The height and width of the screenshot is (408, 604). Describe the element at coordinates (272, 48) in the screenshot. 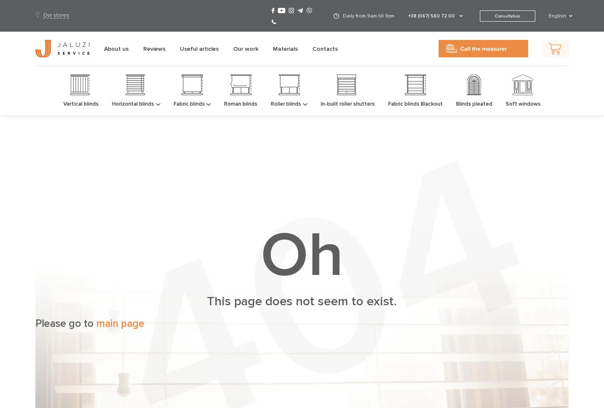

I see `'Materials'` at that location.